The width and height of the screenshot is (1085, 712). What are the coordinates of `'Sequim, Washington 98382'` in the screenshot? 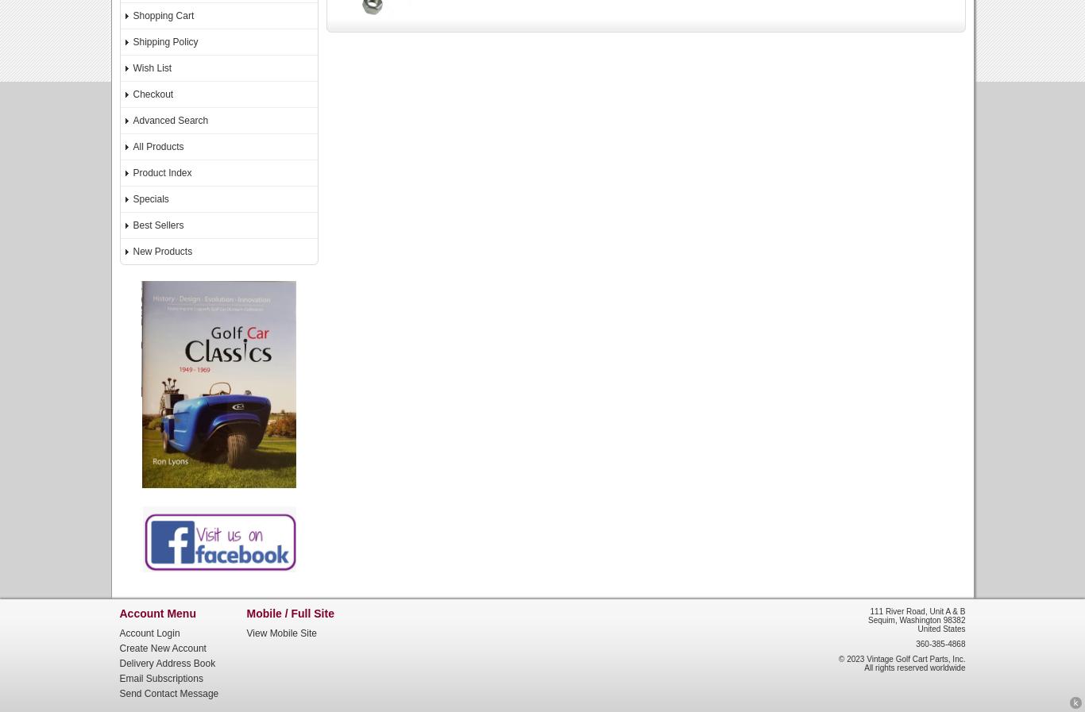 It's located at (867, 620).